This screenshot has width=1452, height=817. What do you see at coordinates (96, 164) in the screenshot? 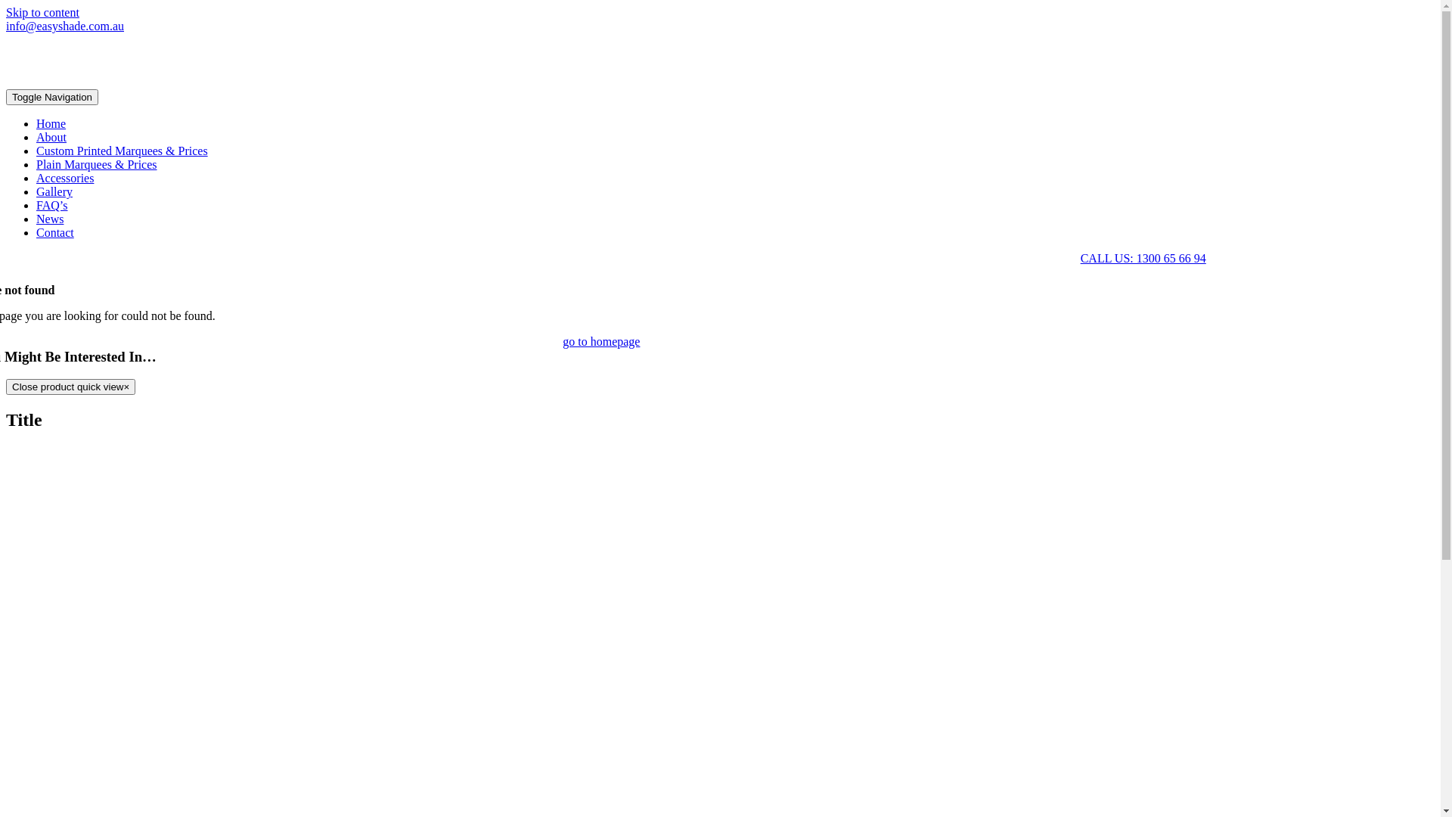
I see `'Plain Marquees & Prices'` at bounding box center [96, 164].